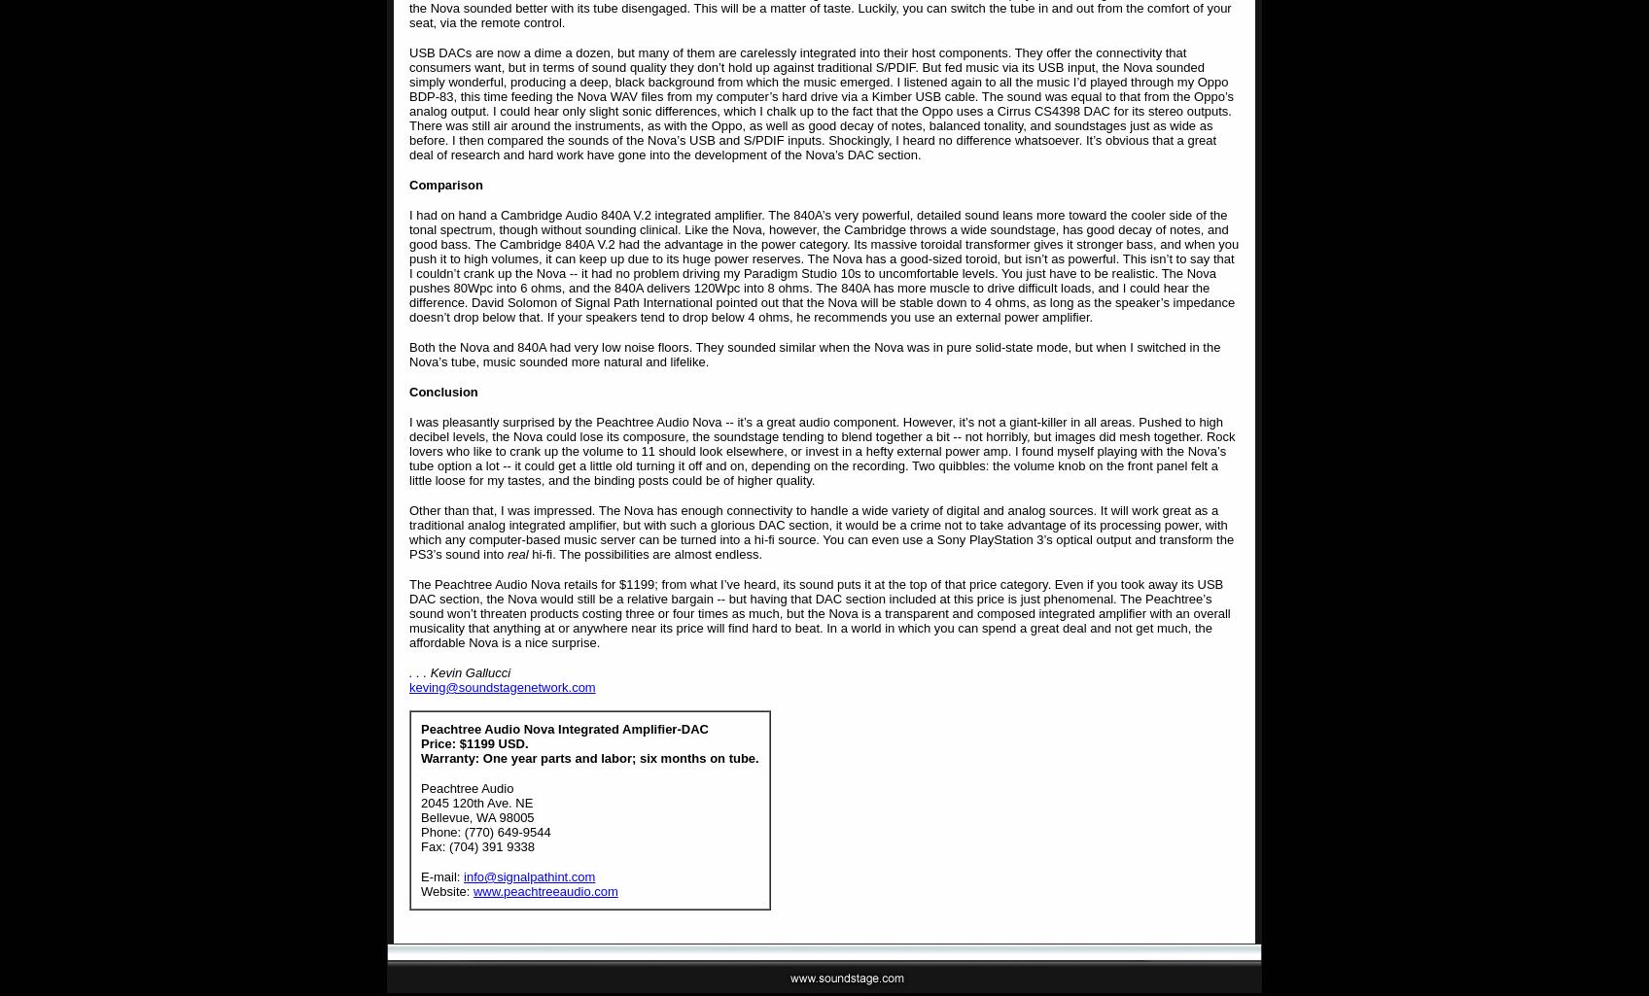  I want to click on '. . . Kevin Gallucci', so click(460, 672).